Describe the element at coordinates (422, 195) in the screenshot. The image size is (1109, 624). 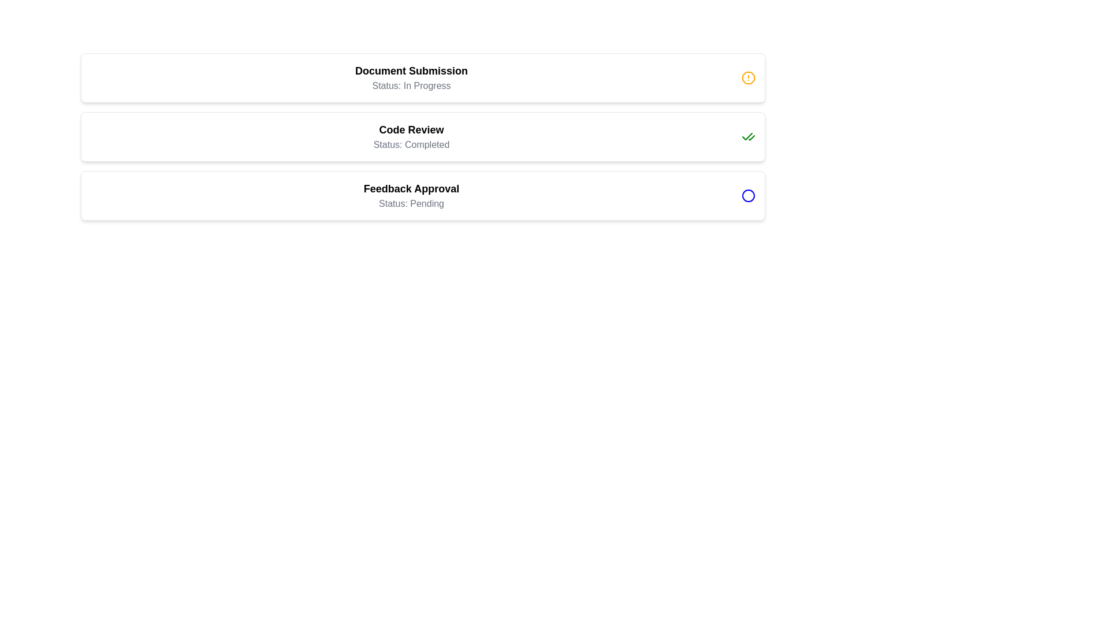
I see `the 'Feedback Approval' status card, which is the third card in a vertical stack of three, indicating its current status as 'Pending'` at that location.